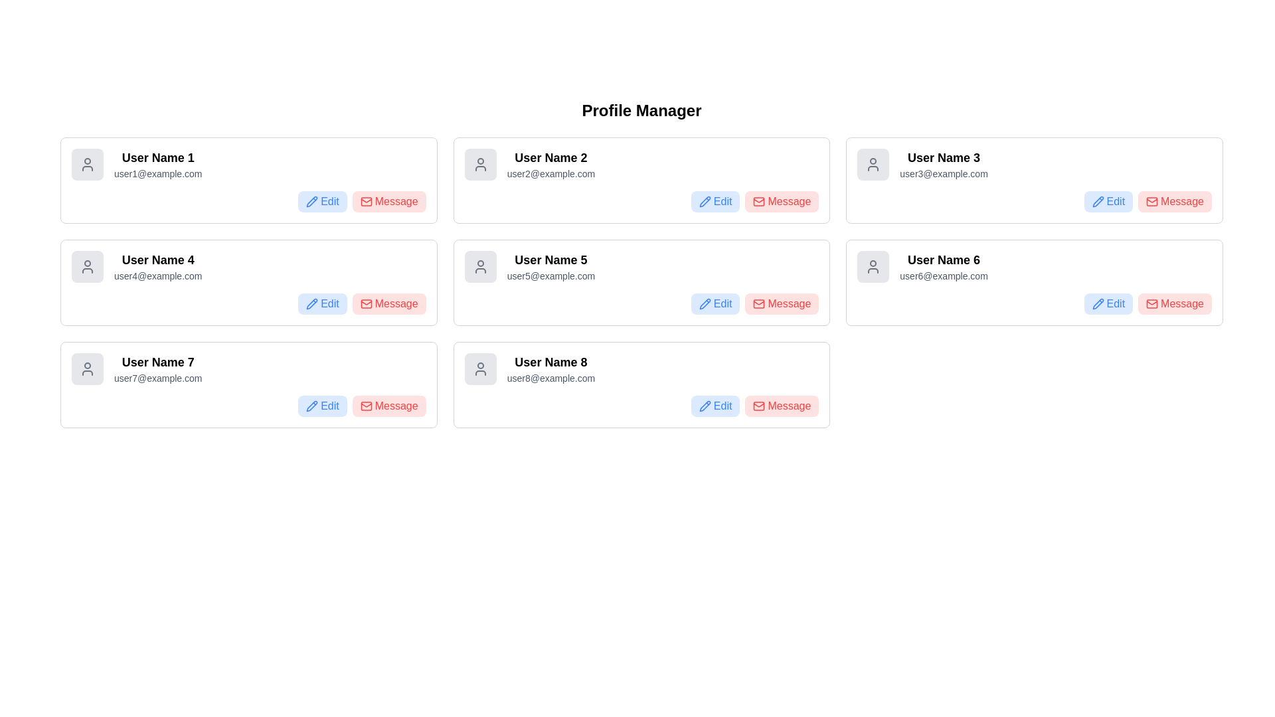  What do you see at coordinates (704, 406) in the screenshot?
I see `the 'Edit' button associated with the pencil icon for 'User Name 8' to initiate editing` at bounding box center [704, 406].